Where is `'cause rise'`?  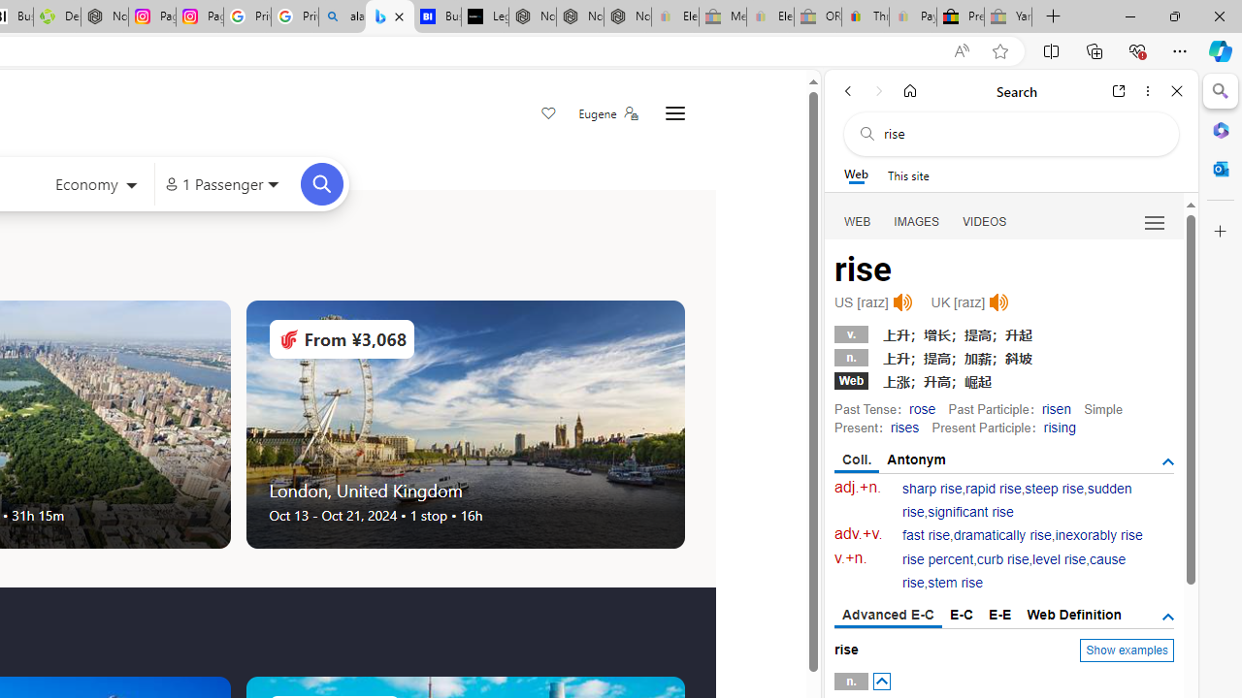 'cause rise' is located at coordinates (1013, 570).